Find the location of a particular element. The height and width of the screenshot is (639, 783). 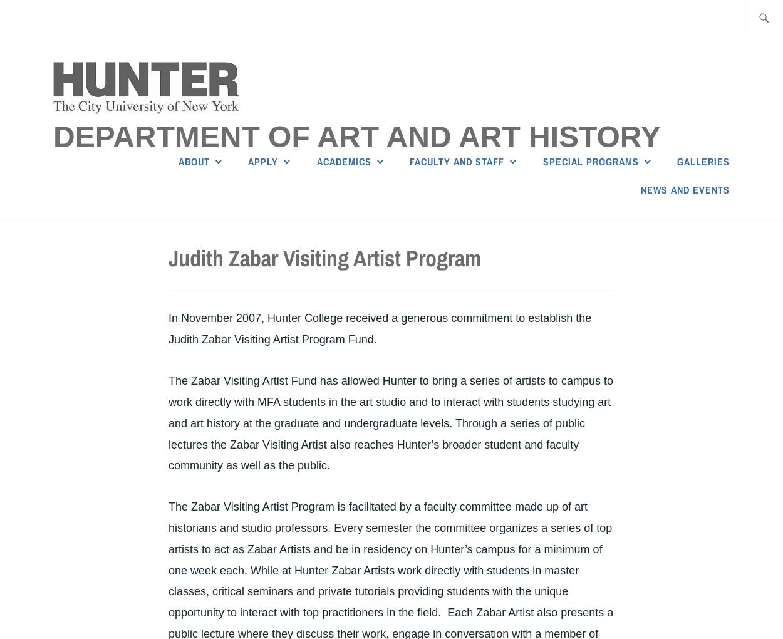

'Department of Art and Art History' is located at coordinates (356, 137).